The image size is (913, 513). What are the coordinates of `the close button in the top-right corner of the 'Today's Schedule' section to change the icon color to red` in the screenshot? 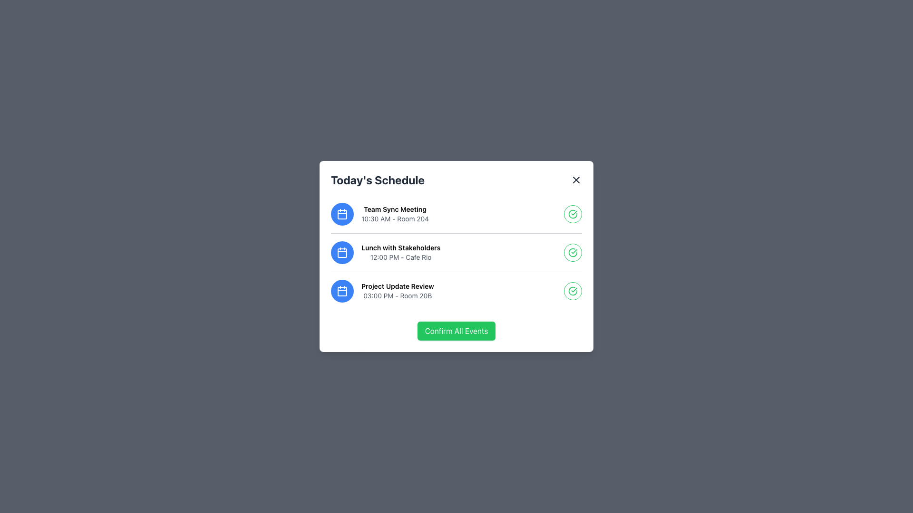 It's located at (575, 180).